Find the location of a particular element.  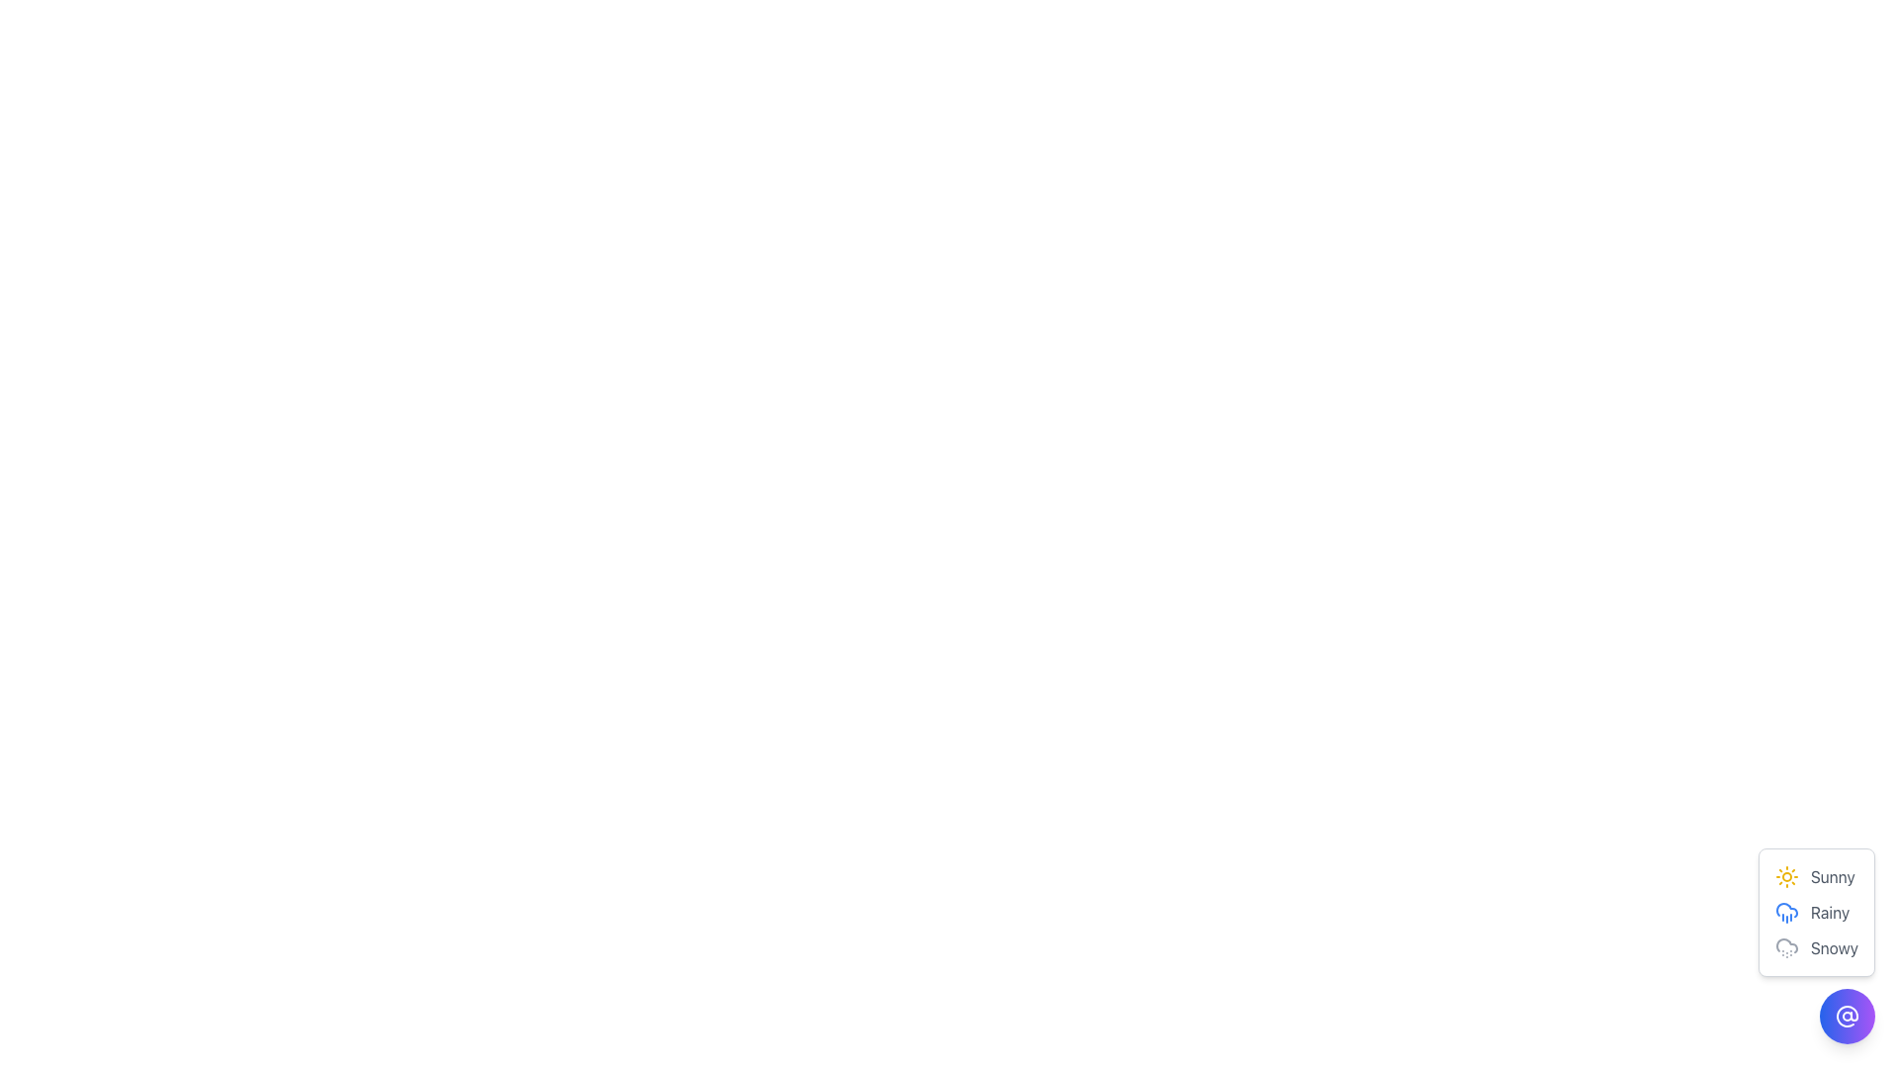

the 'Snowy' weather condition icon located at the bottom right of the weather widget, which is the third item in the vertical stack of weather icons is located at coordinates (1786, 947).